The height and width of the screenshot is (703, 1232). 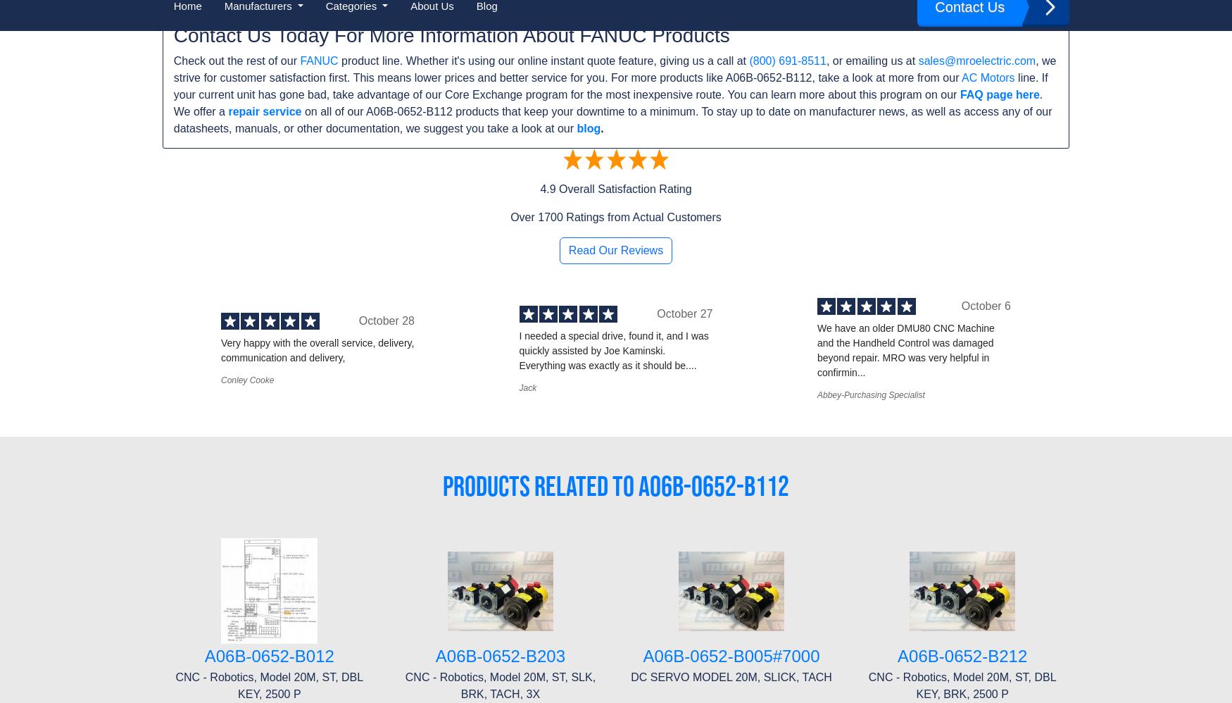 I want to click on 'FAQ', so click(x=173, y=537).